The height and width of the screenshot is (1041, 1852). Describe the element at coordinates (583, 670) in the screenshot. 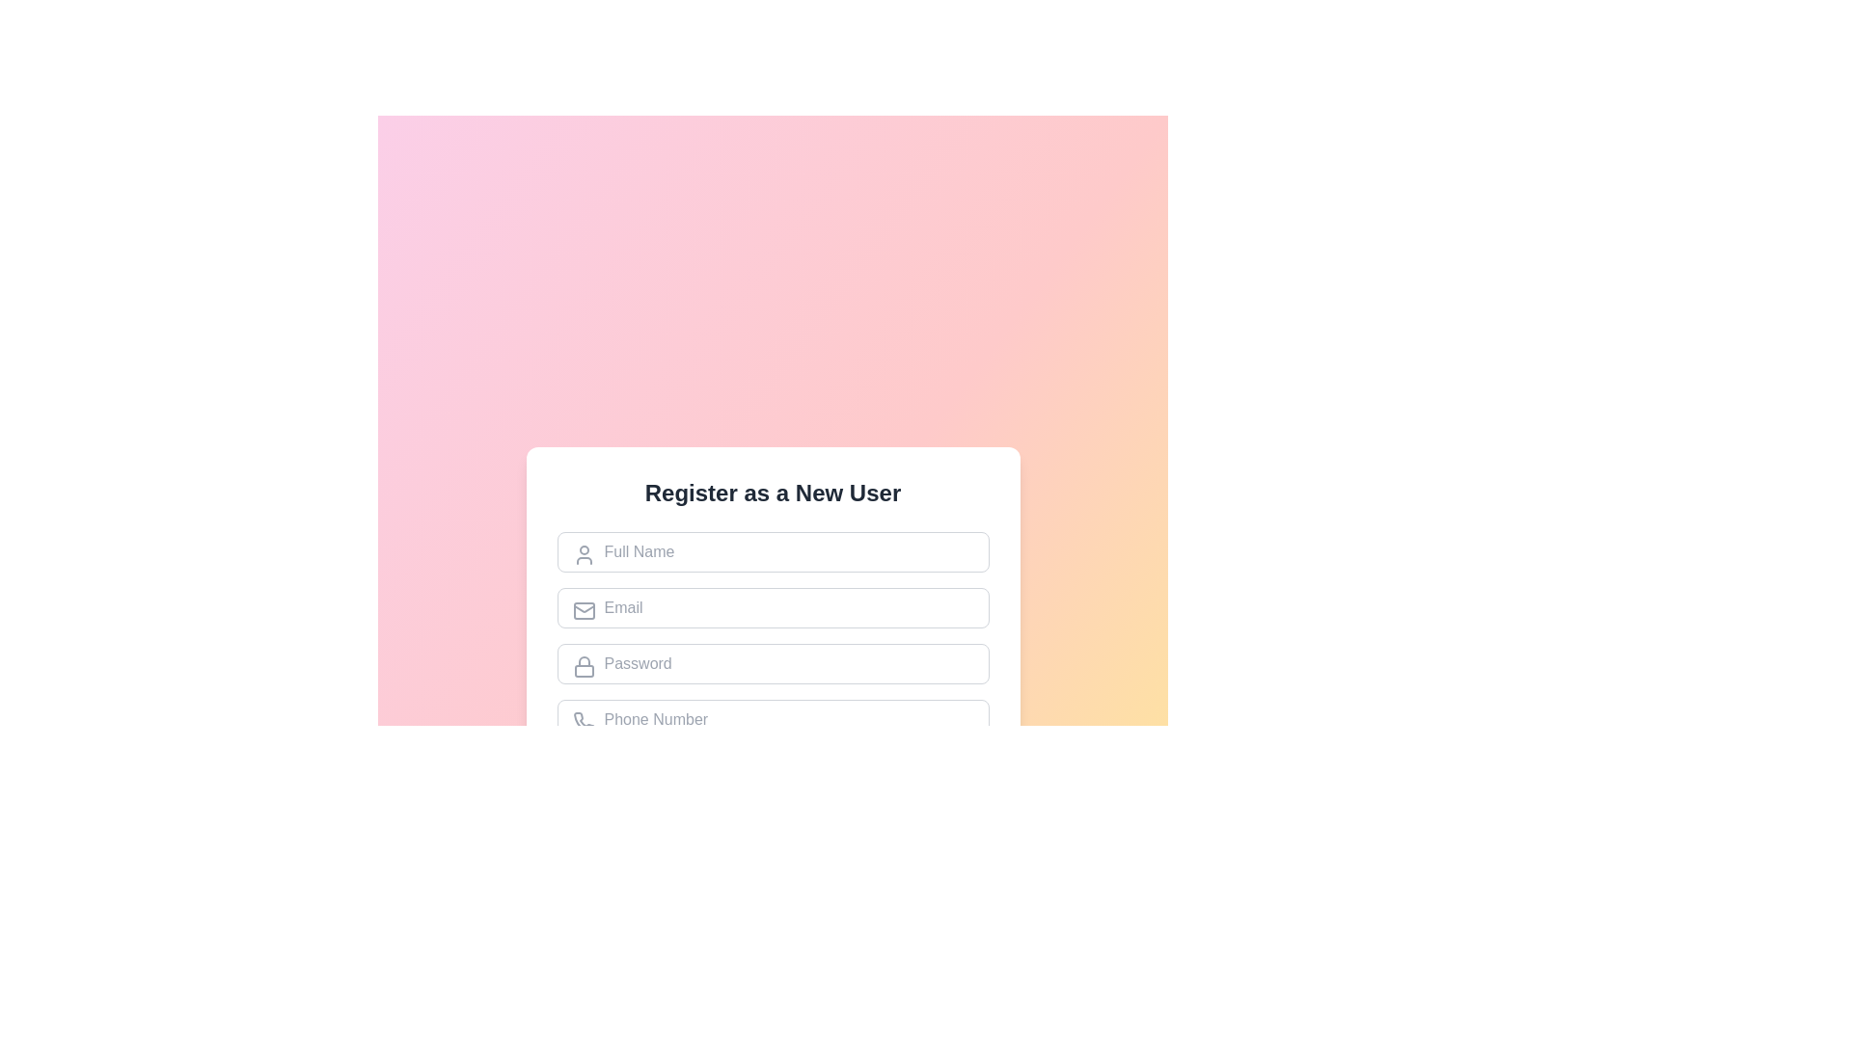

I see `the decorative SVG shape that represents the body of the lock icon, which symbolizes security or privacy in the password field` at that location.